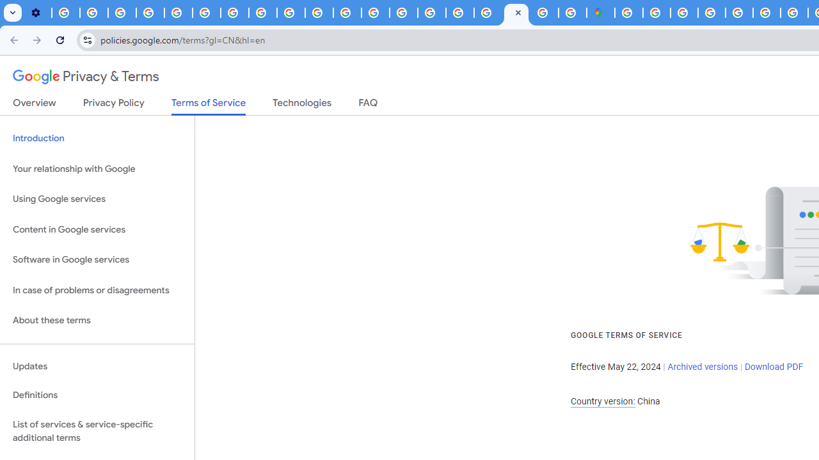  I want to click on 'Technologies', so click(301, 105).